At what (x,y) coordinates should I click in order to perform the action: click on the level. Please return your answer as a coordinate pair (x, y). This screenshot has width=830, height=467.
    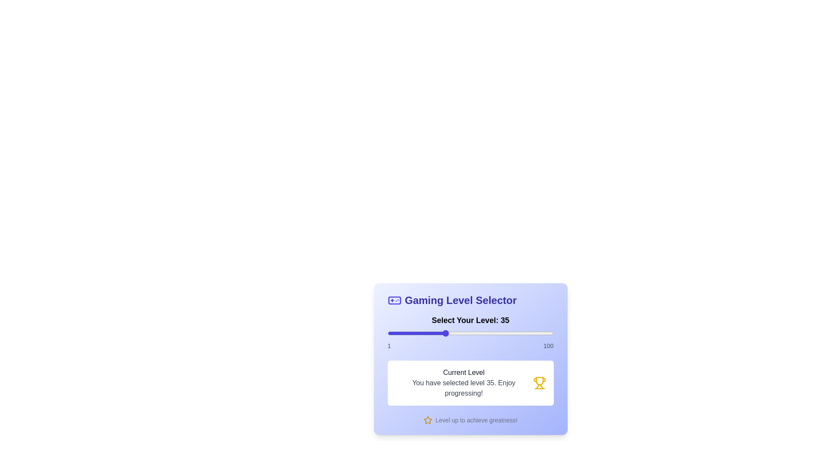
    Looking at the image, I should click on (517, 333).